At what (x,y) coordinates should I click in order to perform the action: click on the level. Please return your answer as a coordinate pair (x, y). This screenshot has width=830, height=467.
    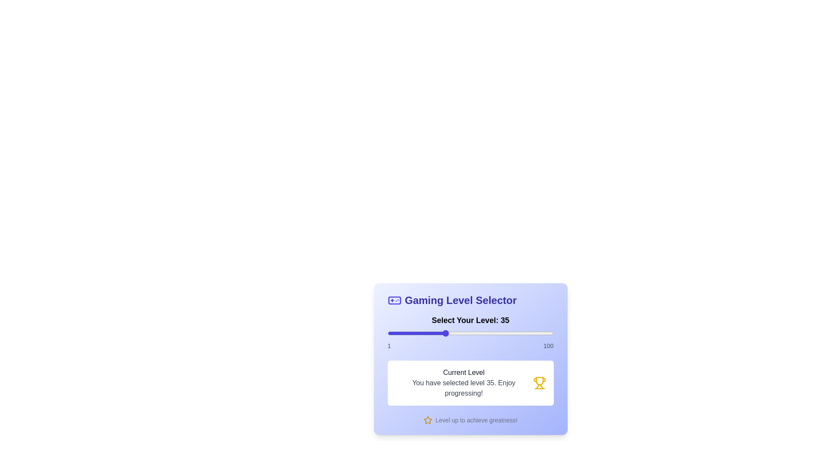
    Looking at the image, I should click on (517, 333).